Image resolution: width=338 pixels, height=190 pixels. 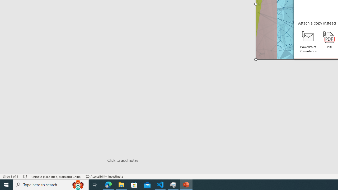 I want to click on 'Search highlights icon opens search home window', so click(x=78, y=184).